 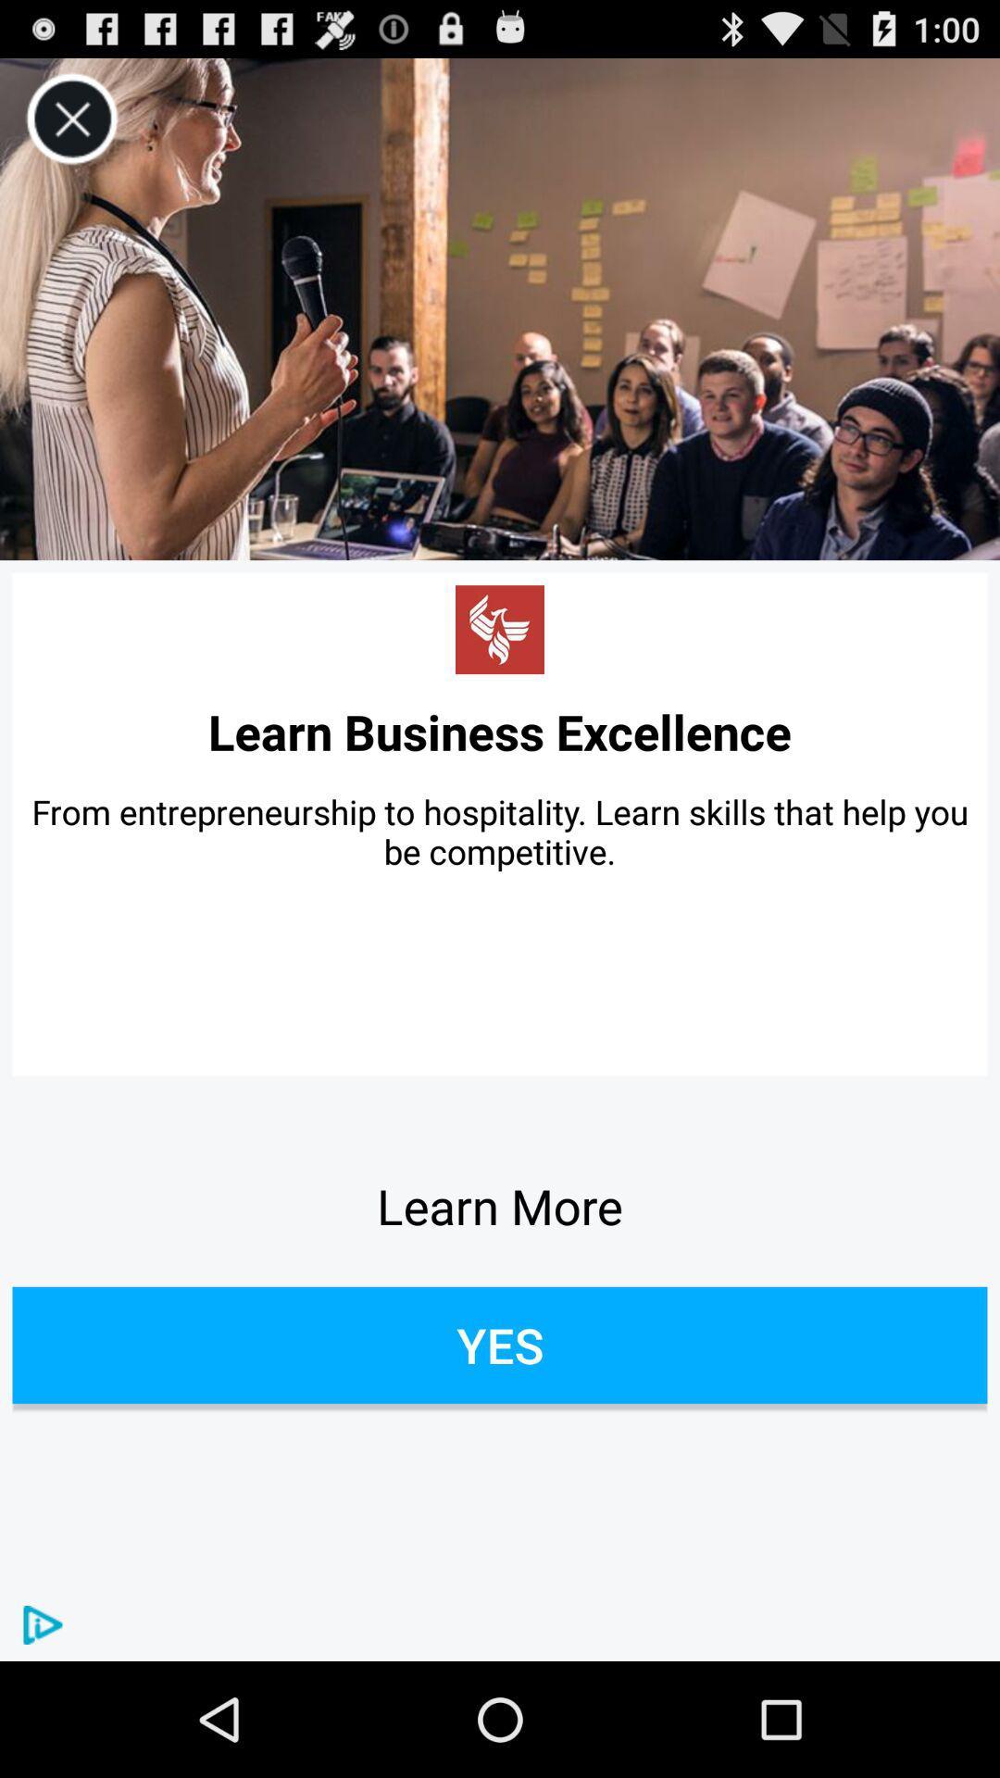 What do you see at coordinates (500, 1206) in the screenshot?
I see `learn more item` at bounding box center [500, 1206].